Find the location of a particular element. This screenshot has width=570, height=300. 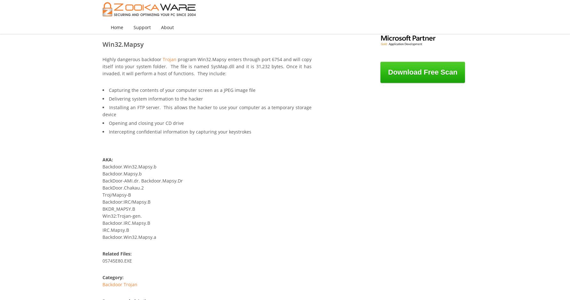

'Backdoor Trojan' is located at coordinates (102, 284).